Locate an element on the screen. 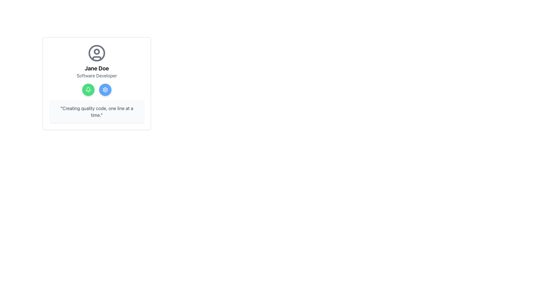 Image resolution: width=542 pixels, height=304 pixels. the circular blue button with a white gear icon located as the second button from the left in the row below the user profile information to observe the scaling effect is located at coordinates (105, 90).